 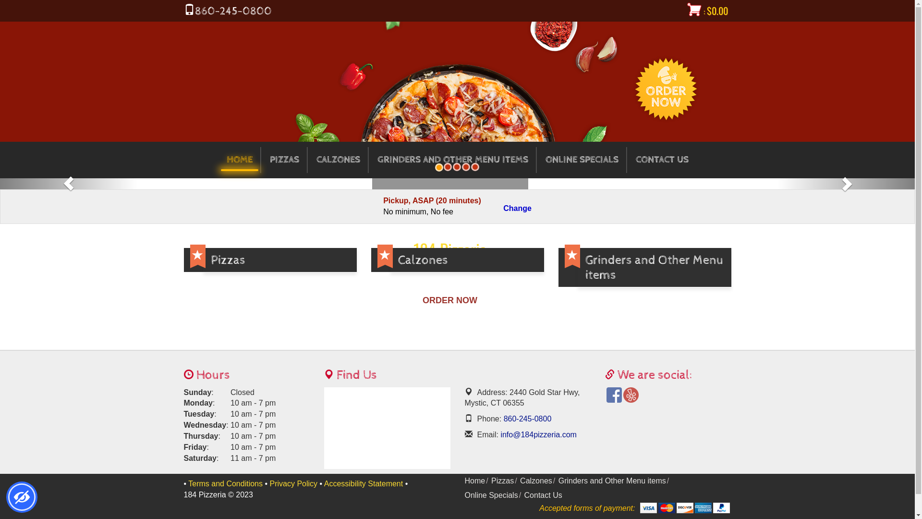 What do you see at coordinates (452, 159) in the screenshot?
I see `'GRINDERS AND OTHER MENU ITEMS'` at bounding box center [452, 159].